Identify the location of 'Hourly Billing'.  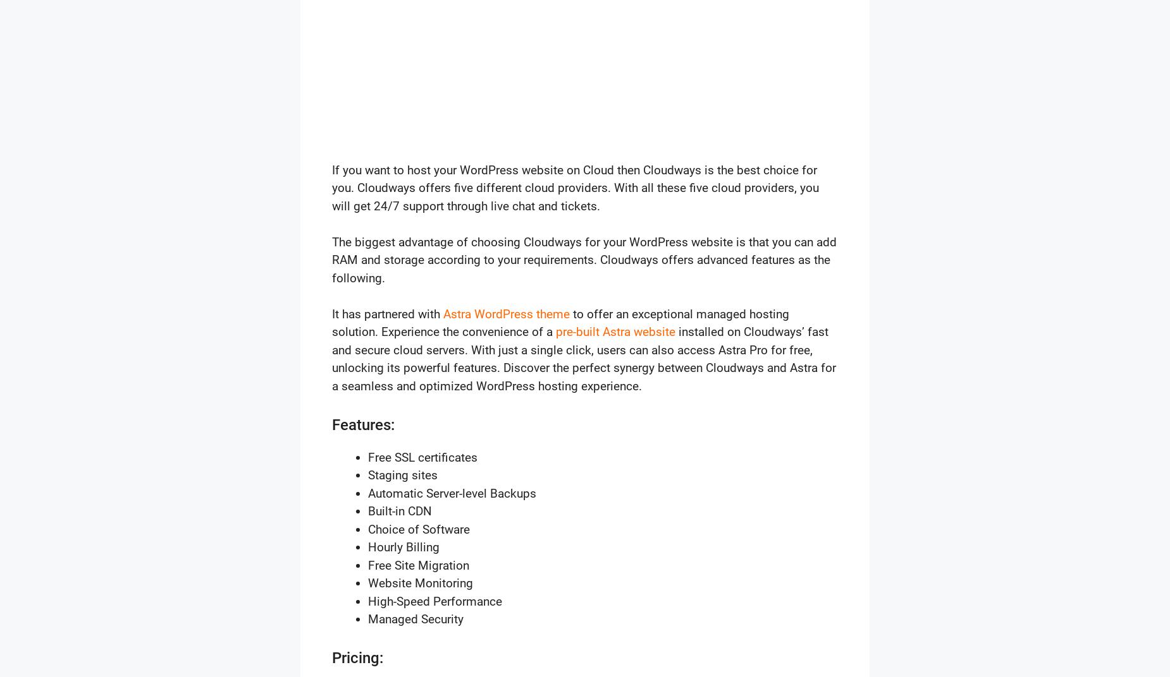
(368, 546).